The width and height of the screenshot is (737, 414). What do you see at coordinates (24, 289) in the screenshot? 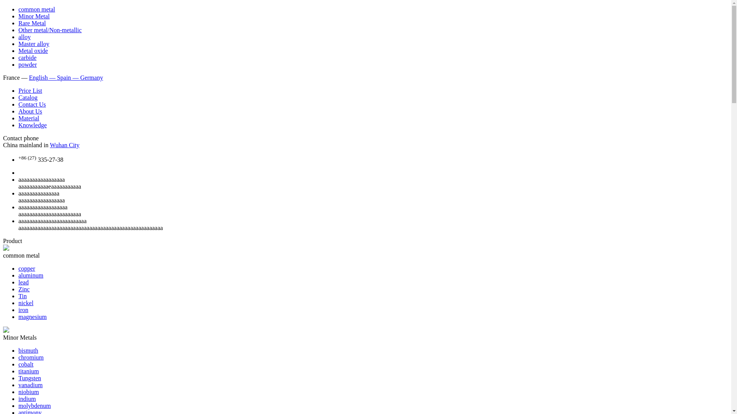
I see `'Zinc'` at bounding box center [24, 289].